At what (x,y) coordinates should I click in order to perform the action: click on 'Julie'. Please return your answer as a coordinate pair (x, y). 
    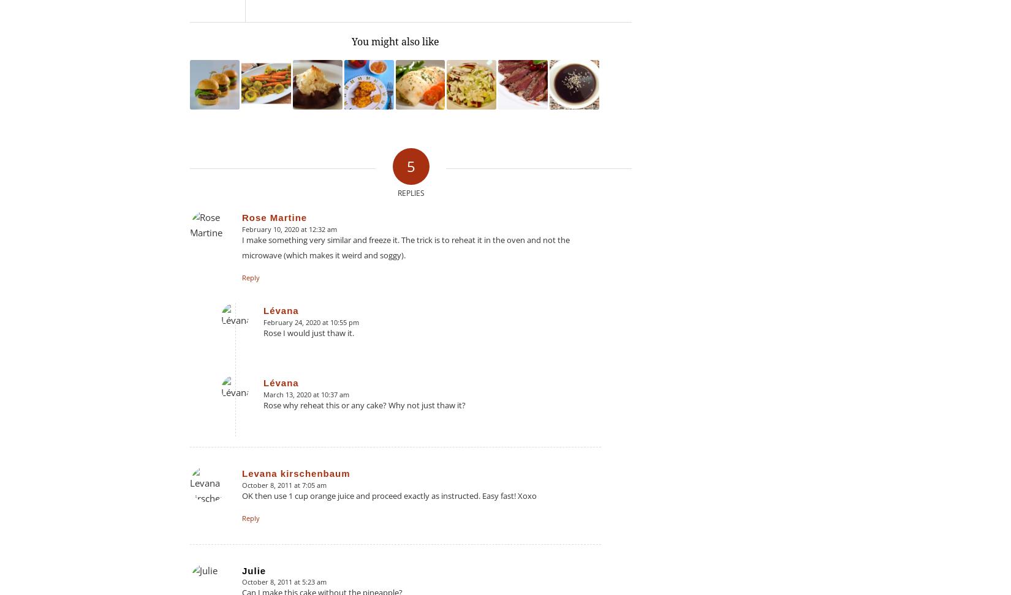
    Looking at the image, I should click on (253, 569).